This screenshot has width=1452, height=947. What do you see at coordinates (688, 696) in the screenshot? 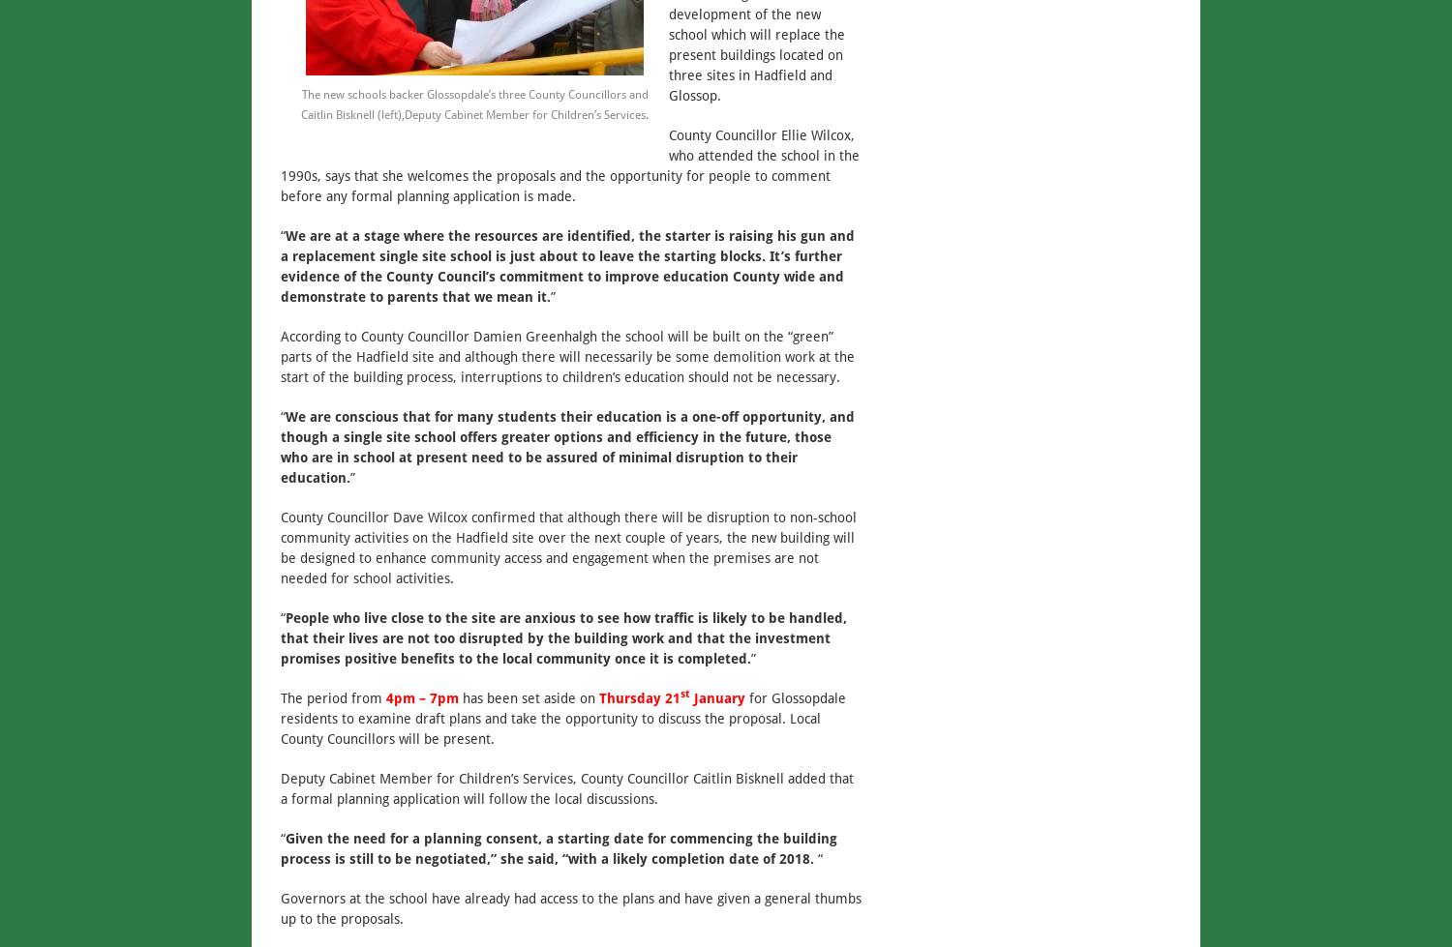
I see `'January'` at bounding box center [688, 696].